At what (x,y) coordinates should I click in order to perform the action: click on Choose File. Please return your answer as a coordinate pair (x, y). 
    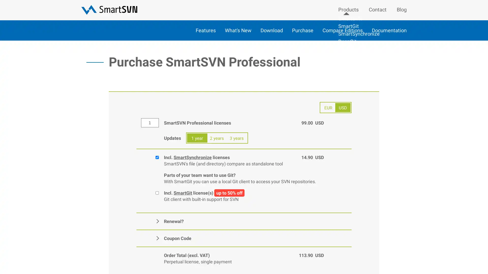
    Looking at the image, I should click on (221, 236).